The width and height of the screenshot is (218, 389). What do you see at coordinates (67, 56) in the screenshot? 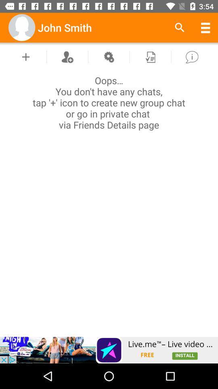
I see `contact` at bounding box center [67, 56].